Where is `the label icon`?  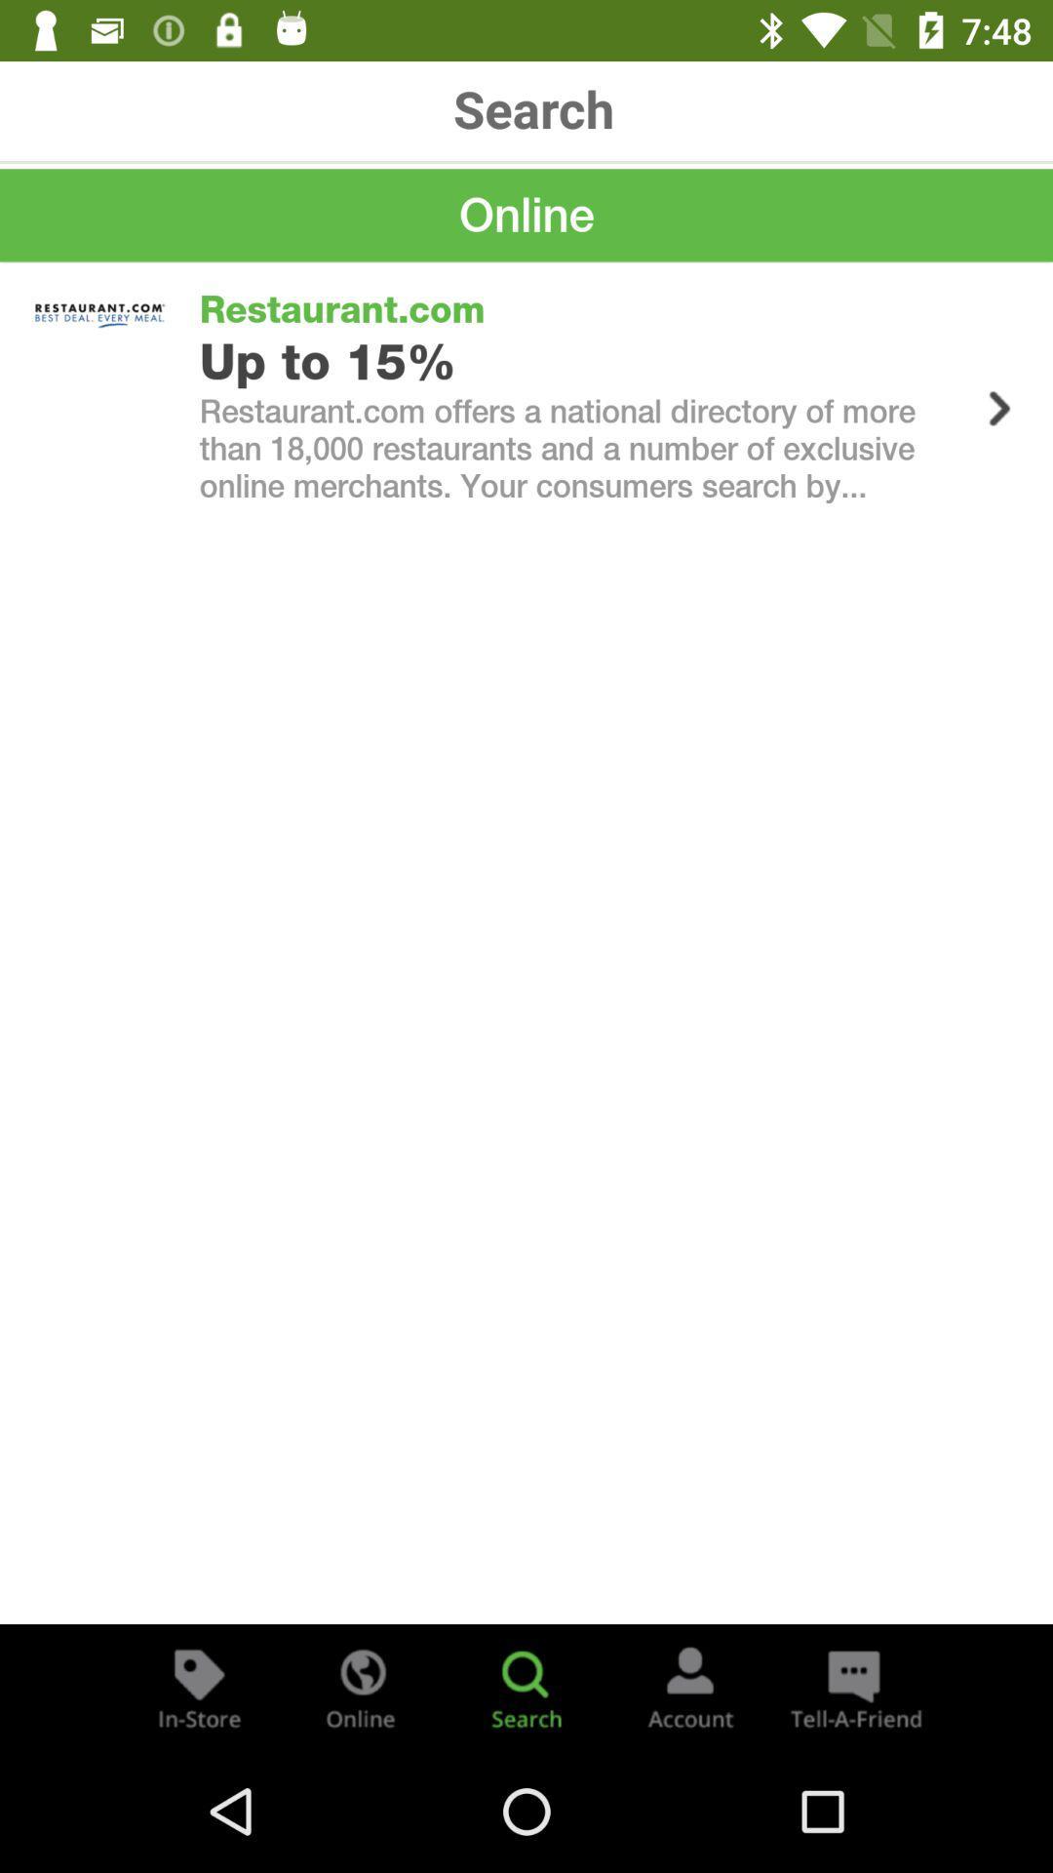 the label icon is located at coordinates (199, 1686).